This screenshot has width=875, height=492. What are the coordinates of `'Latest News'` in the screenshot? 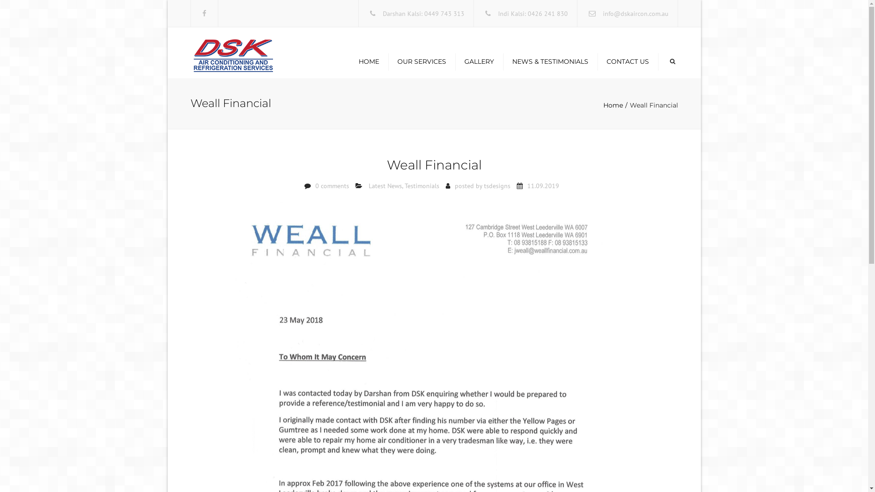 It's located at (385, 185).